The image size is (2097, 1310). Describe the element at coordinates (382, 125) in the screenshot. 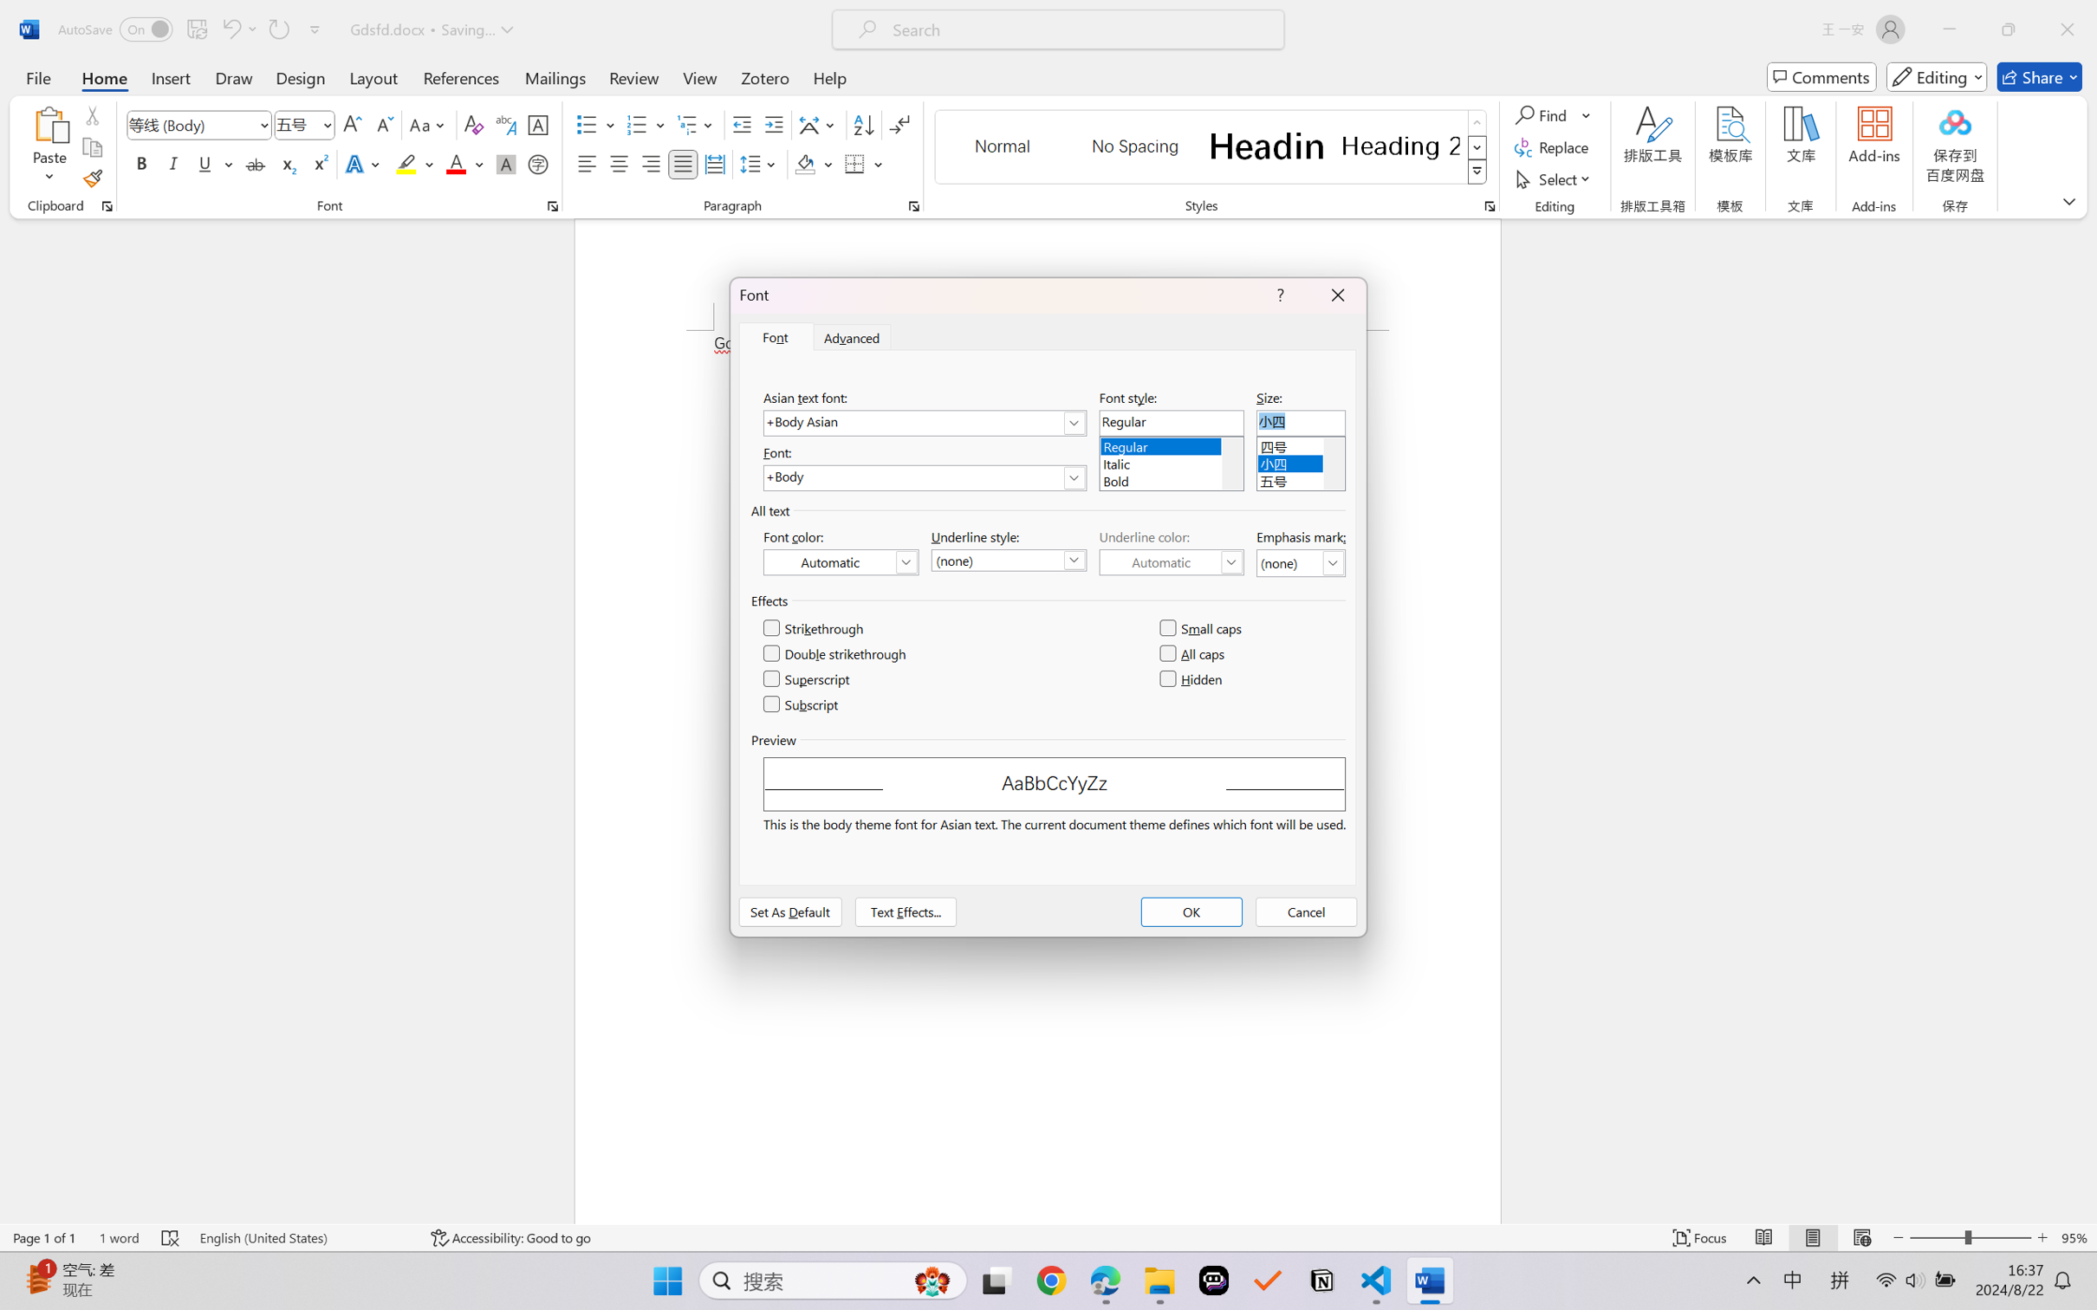

I see `'Shrink Font'` at that location.